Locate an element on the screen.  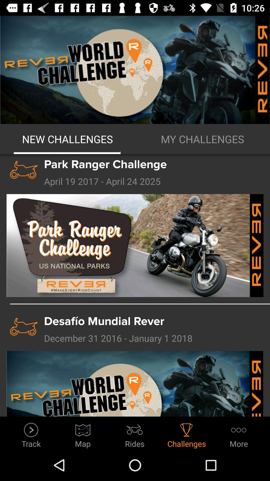
the map is located at coordinates (82, 434).